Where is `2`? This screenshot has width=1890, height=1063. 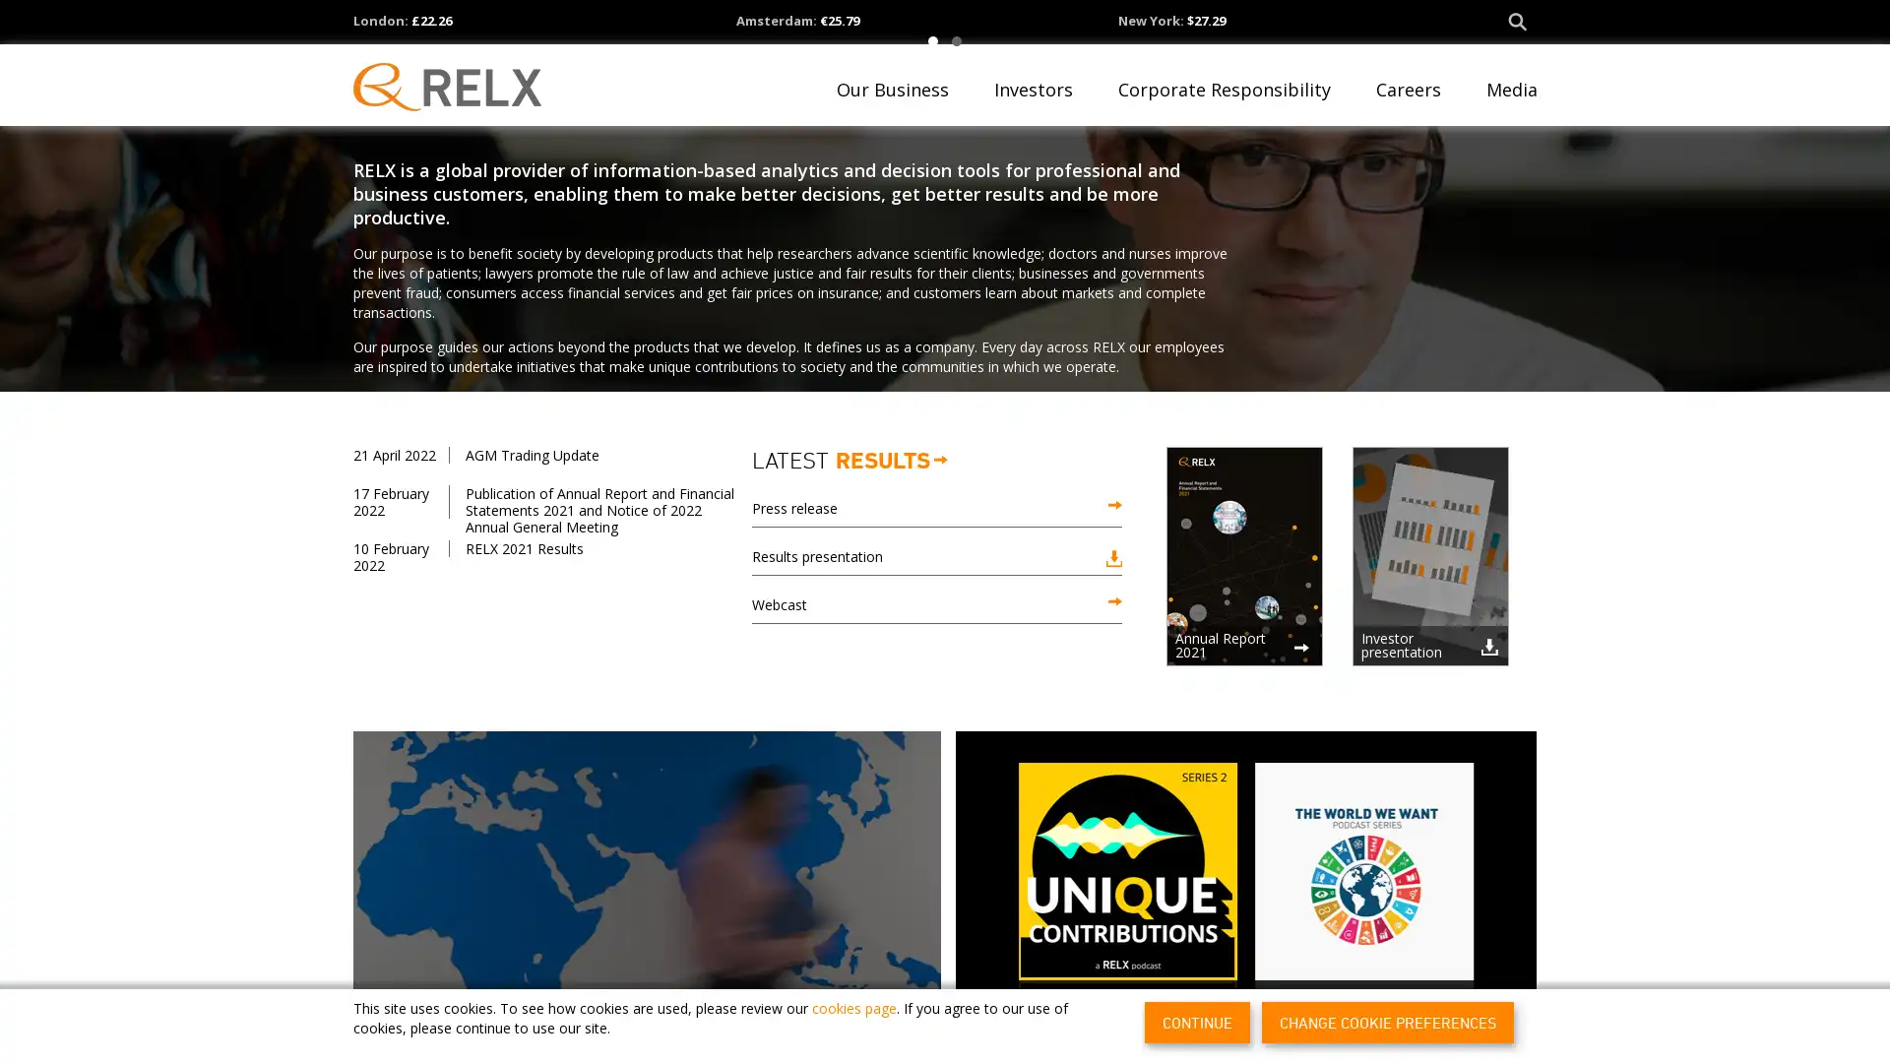
2 is located at coordinates (957, 41).